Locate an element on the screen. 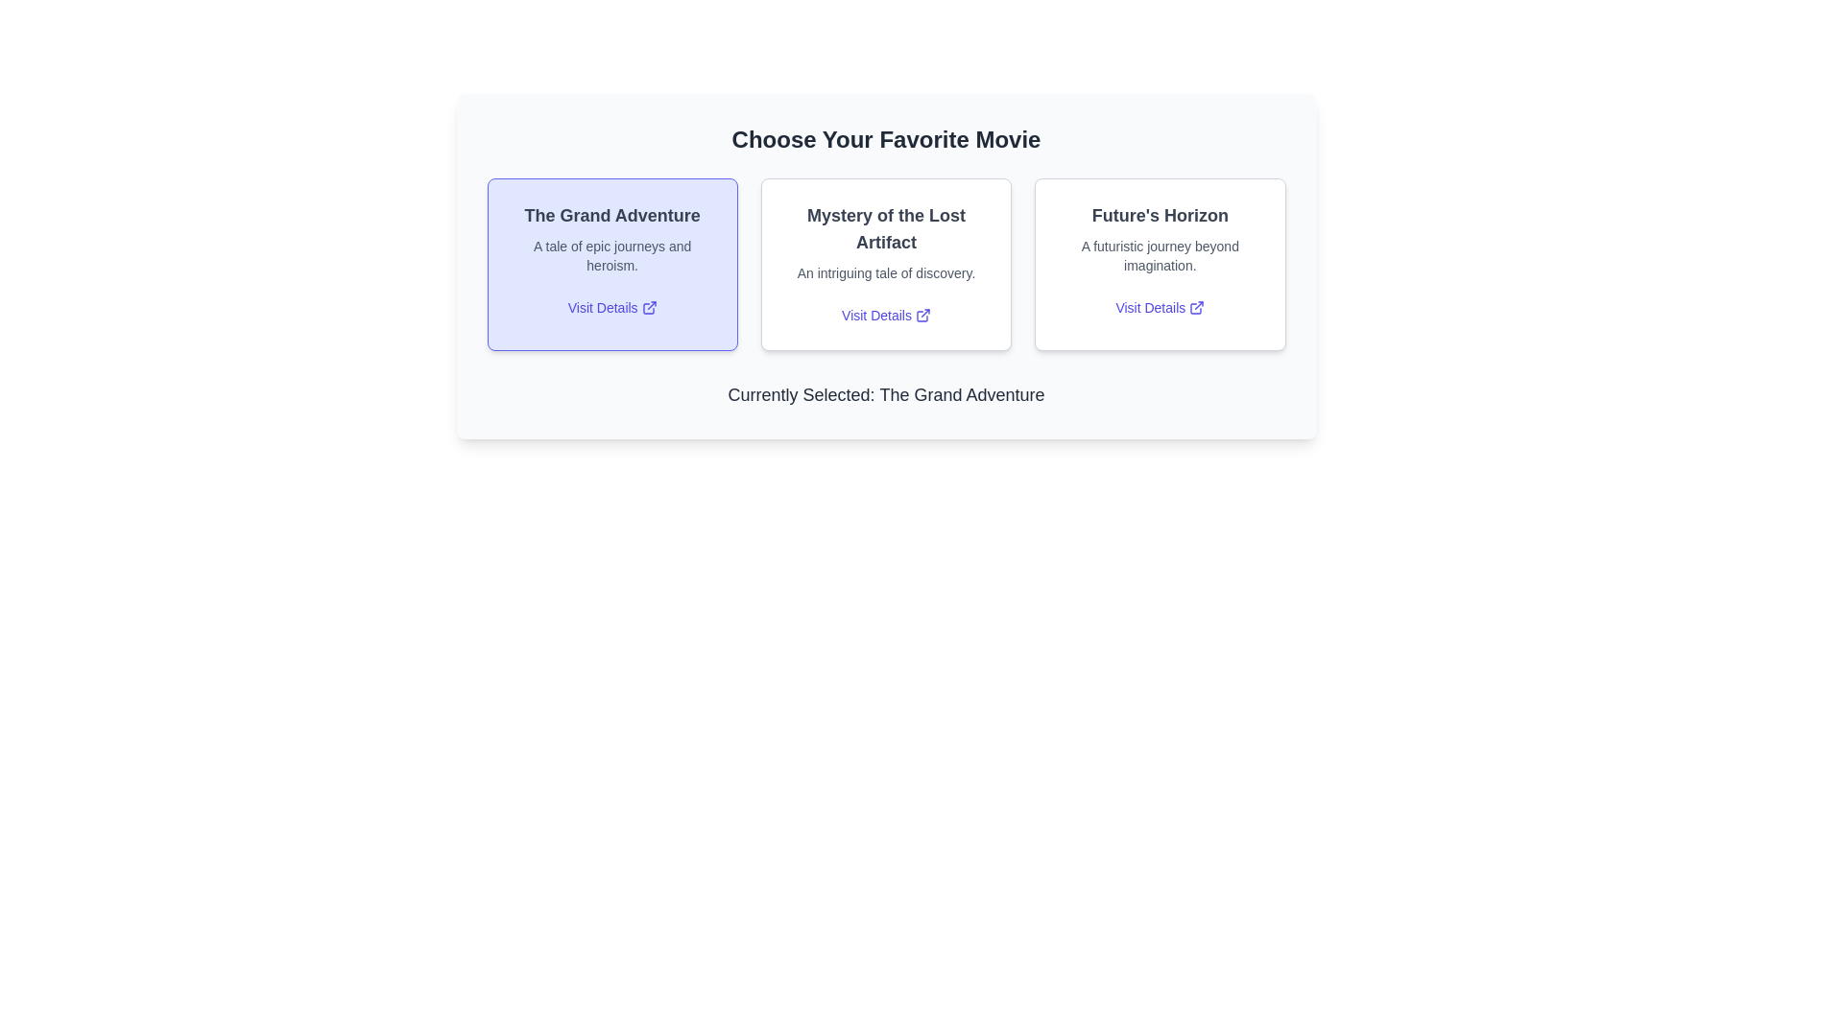 Image resolution: width=1843 pixels, height=1036 pixels. the external link icon next to the text 'Visit Details' under the card titled 'Mystery of the Lost Artifact', which is located in the second of the three horizontally arranged movie cards is located at coordinates (922, 314).